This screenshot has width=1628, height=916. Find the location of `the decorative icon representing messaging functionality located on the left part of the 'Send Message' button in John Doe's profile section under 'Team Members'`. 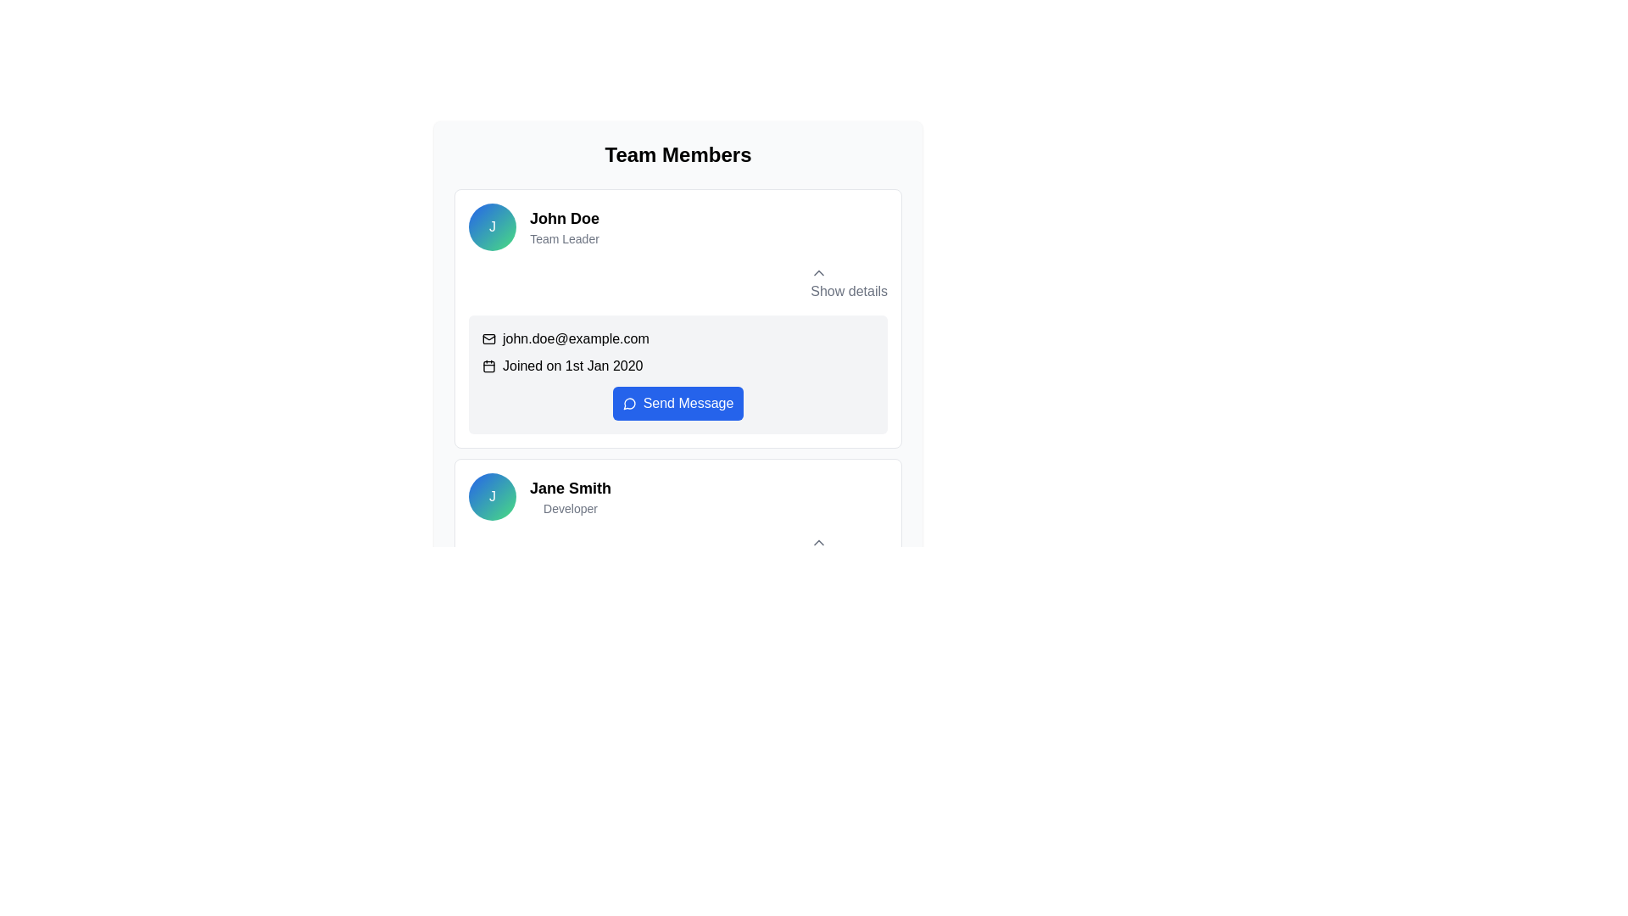

the decorative icon representing messaging functionality located on the left part of the 'Send Message' button in John Doe's profile section under 'Team Members' is located at coordinates (628, 403).